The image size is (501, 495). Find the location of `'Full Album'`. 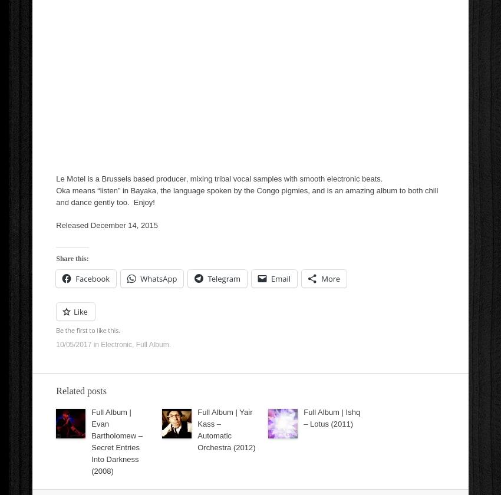

'Full Album' is located at coordinates (151, 344).